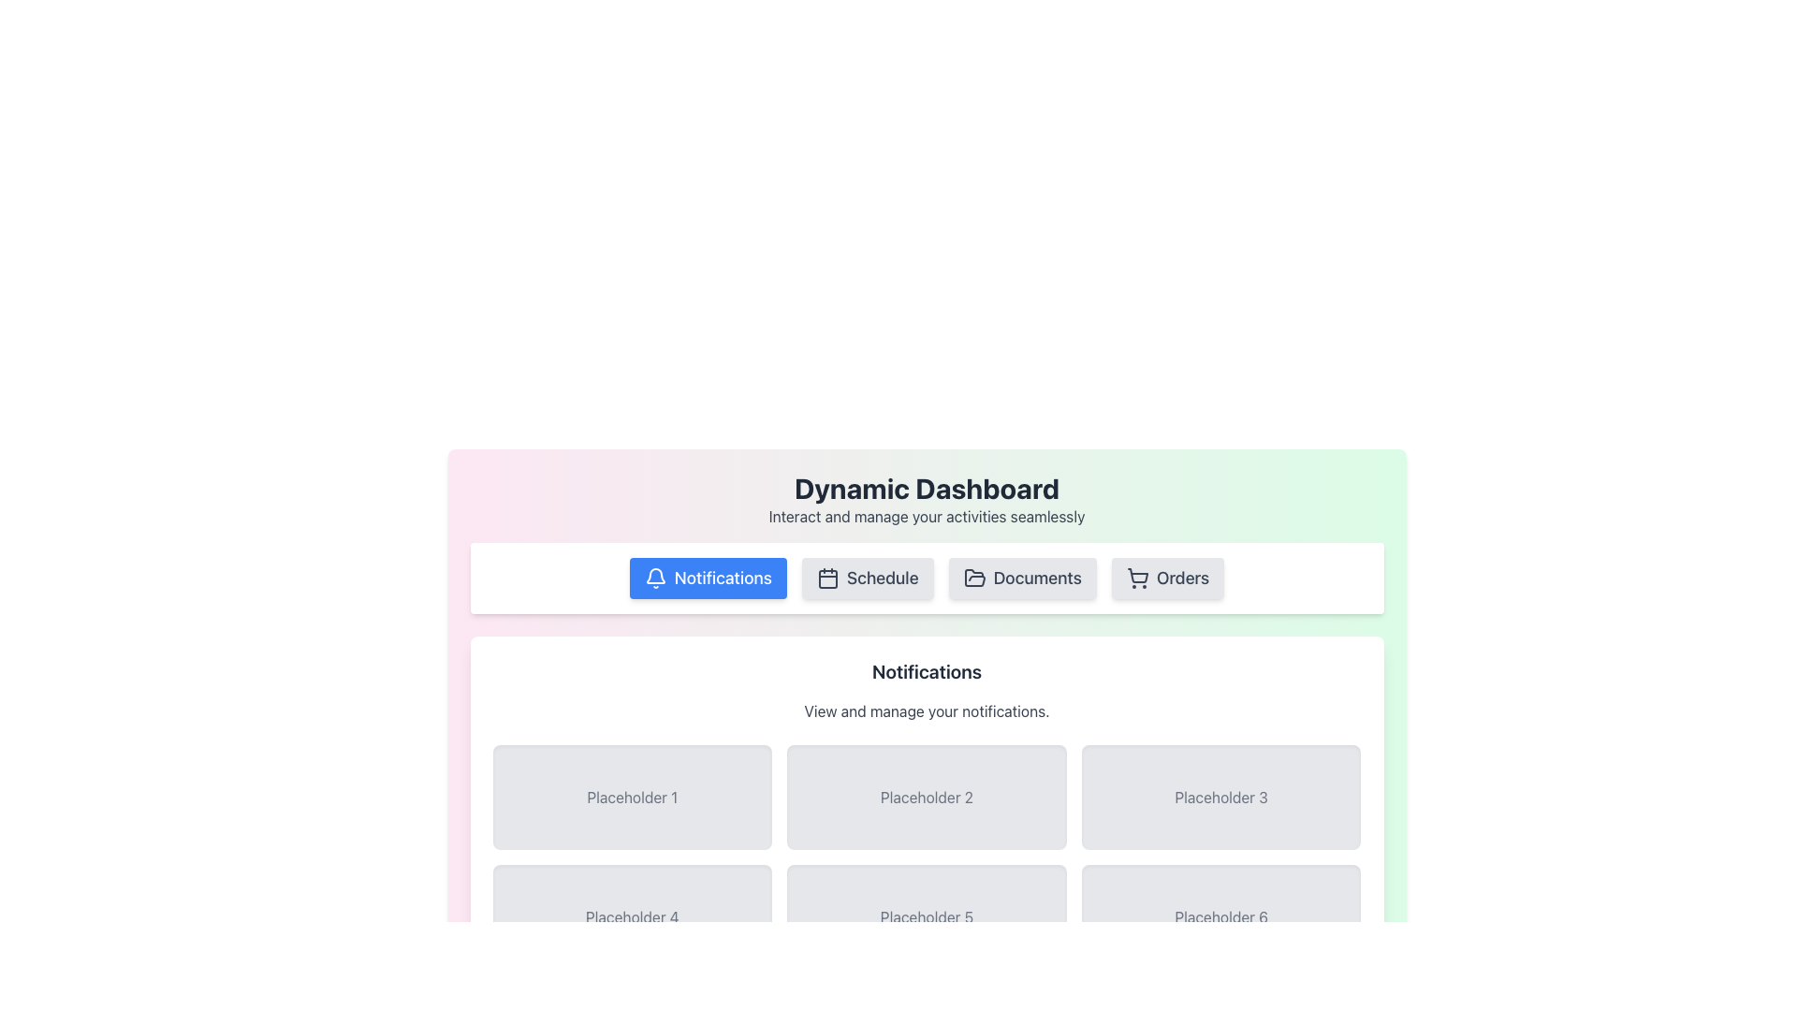  What do you see at coordinates (706, 577) in the screenshot?
I see `the first button in the navigation bar labeled 'Notifications'` at bounding box center [706, 577].